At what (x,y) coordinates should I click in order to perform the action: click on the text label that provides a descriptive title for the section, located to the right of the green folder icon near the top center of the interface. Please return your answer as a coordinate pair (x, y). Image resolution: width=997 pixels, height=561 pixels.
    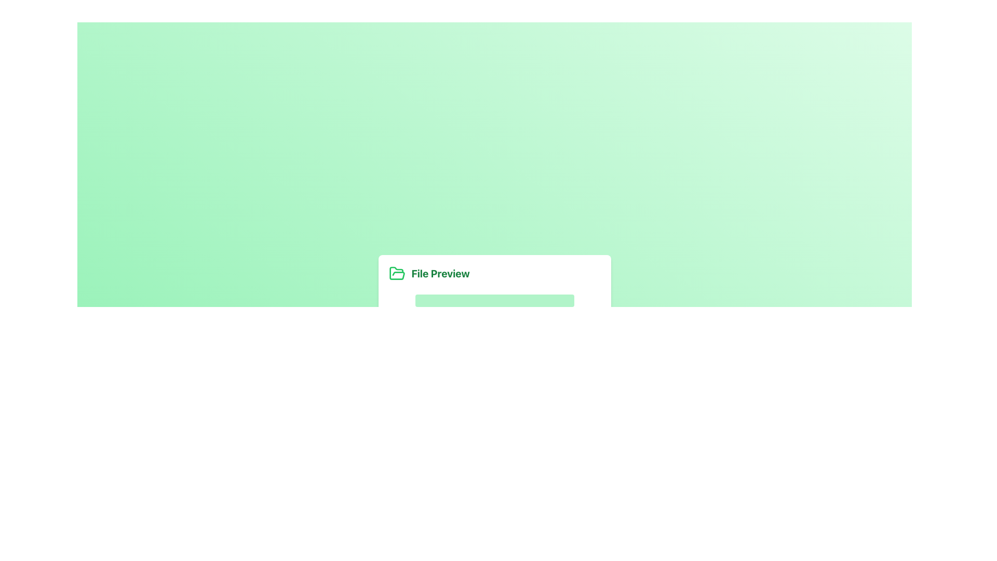
    Looking at the image, I should click on (440, 273).